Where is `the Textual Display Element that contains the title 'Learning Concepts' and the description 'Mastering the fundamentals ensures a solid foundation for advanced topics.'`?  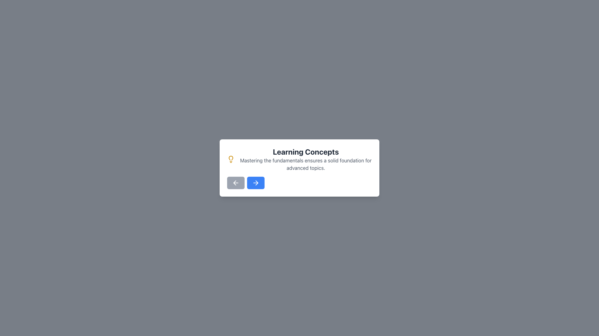
the Textual Display Element that contains the title 'Learning Concepts' and the description 'Mastering the fundamentals ensures a solid foundation for advanced topics.' is located at coordinates (306, 159).